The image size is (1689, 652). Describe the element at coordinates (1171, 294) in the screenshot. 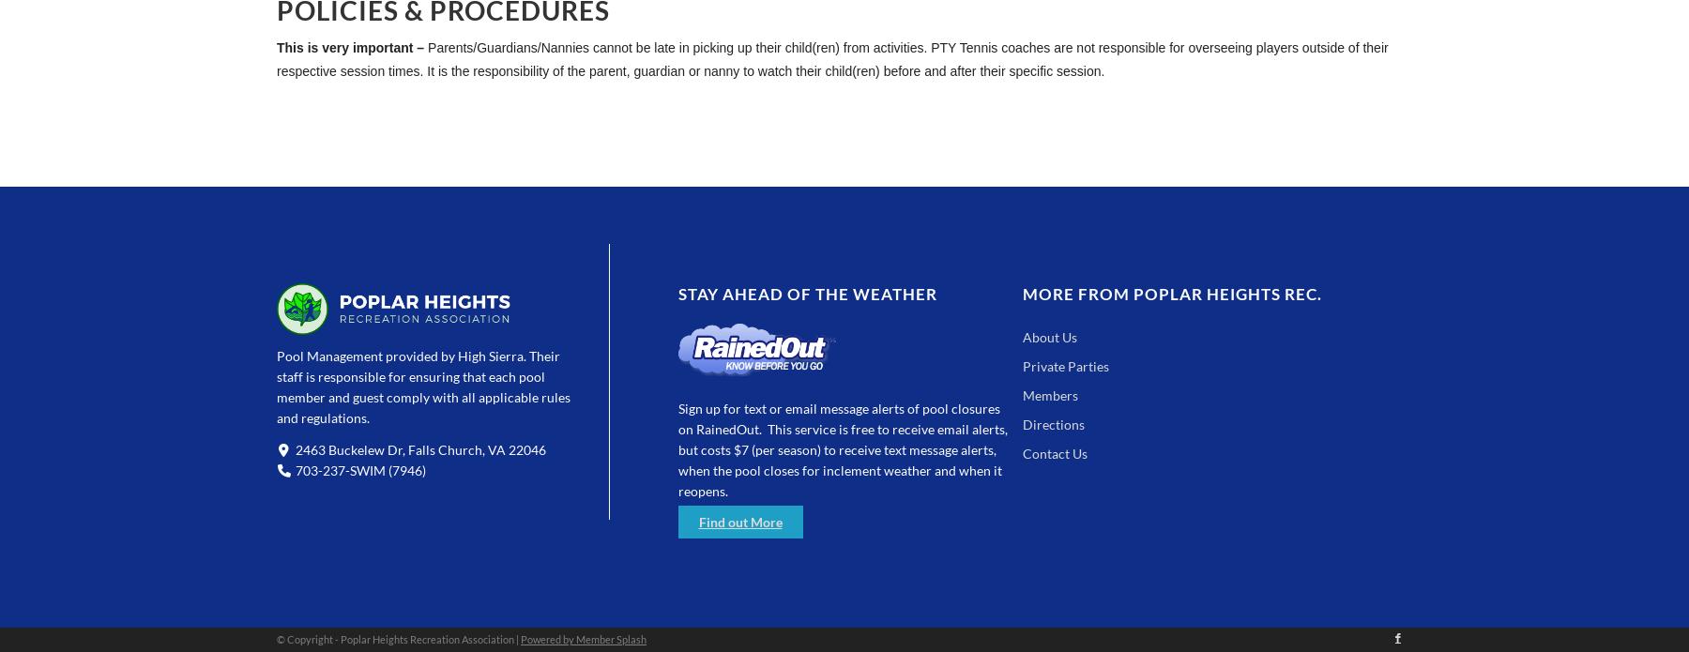

I see `'More from Poplar Heights Rec.'` at that location.